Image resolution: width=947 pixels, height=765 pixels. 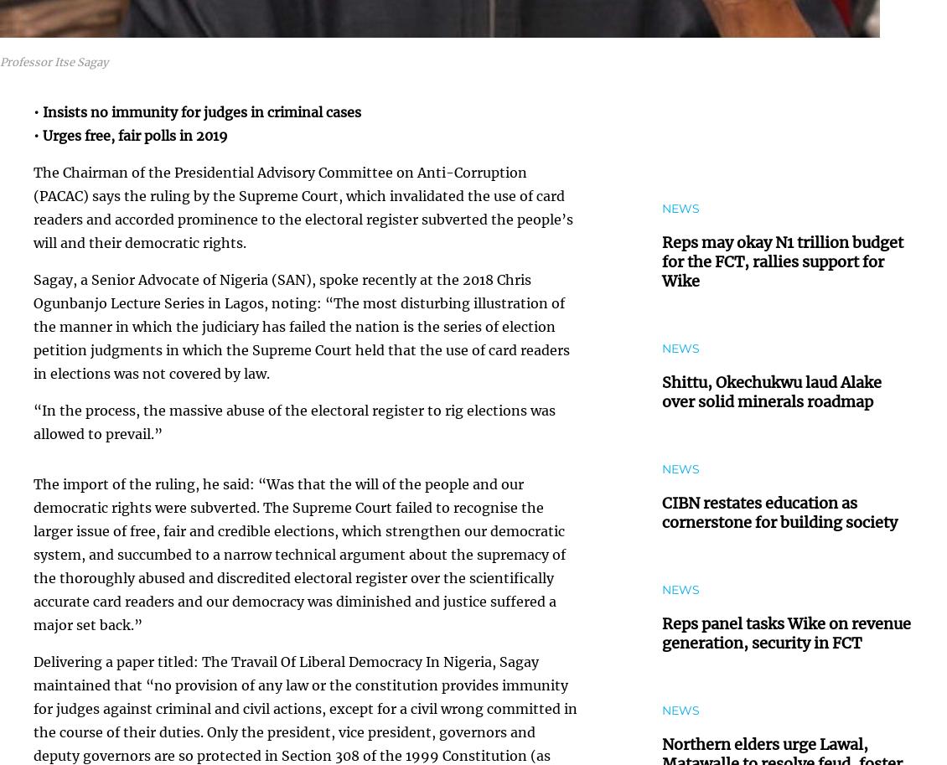 I want to click on 'CIBN restates education as cornerstone for  building society', so click(x=779, y=511).